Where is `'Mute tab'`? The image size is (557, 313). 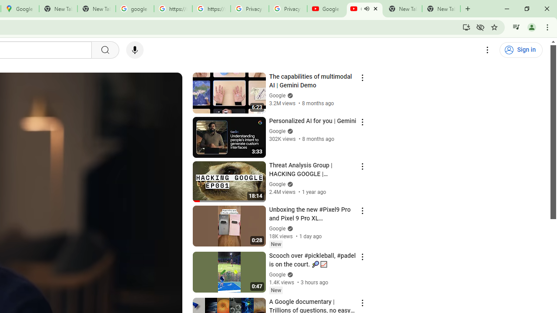 'Mute tab' is located at coordinates (366, 9).